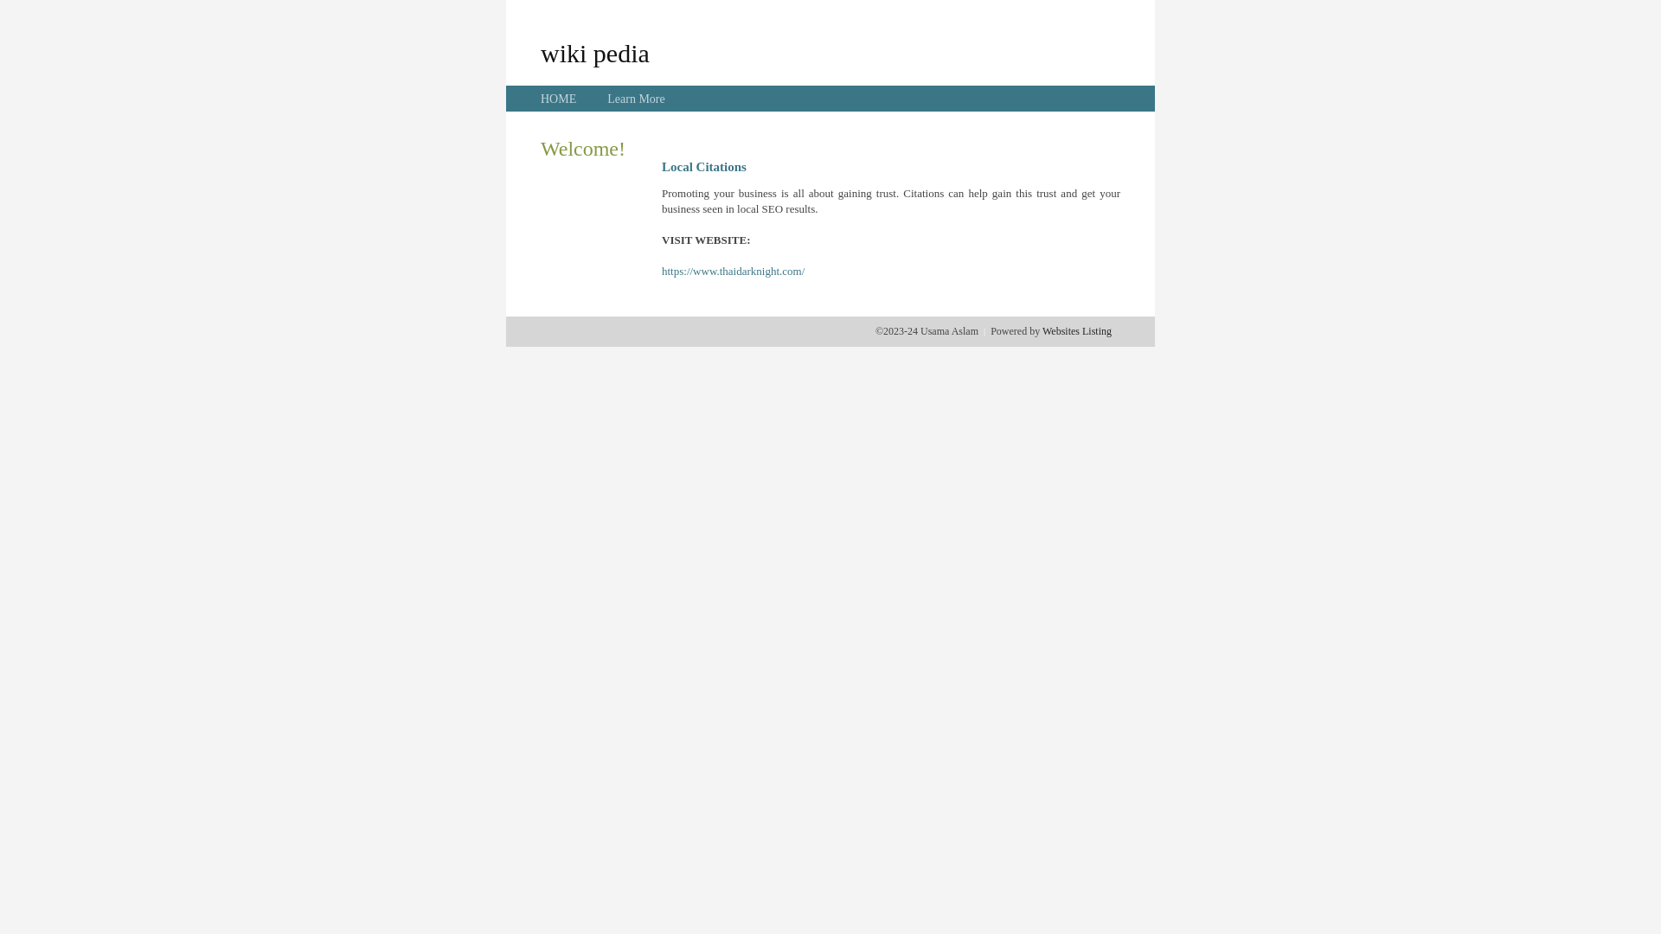 The width and height of the screenshot is (1661, 934). What do you see at coordinates (634, 99) in the screenshot?
I see `'Learn More'` at bounding box center [634, 99].